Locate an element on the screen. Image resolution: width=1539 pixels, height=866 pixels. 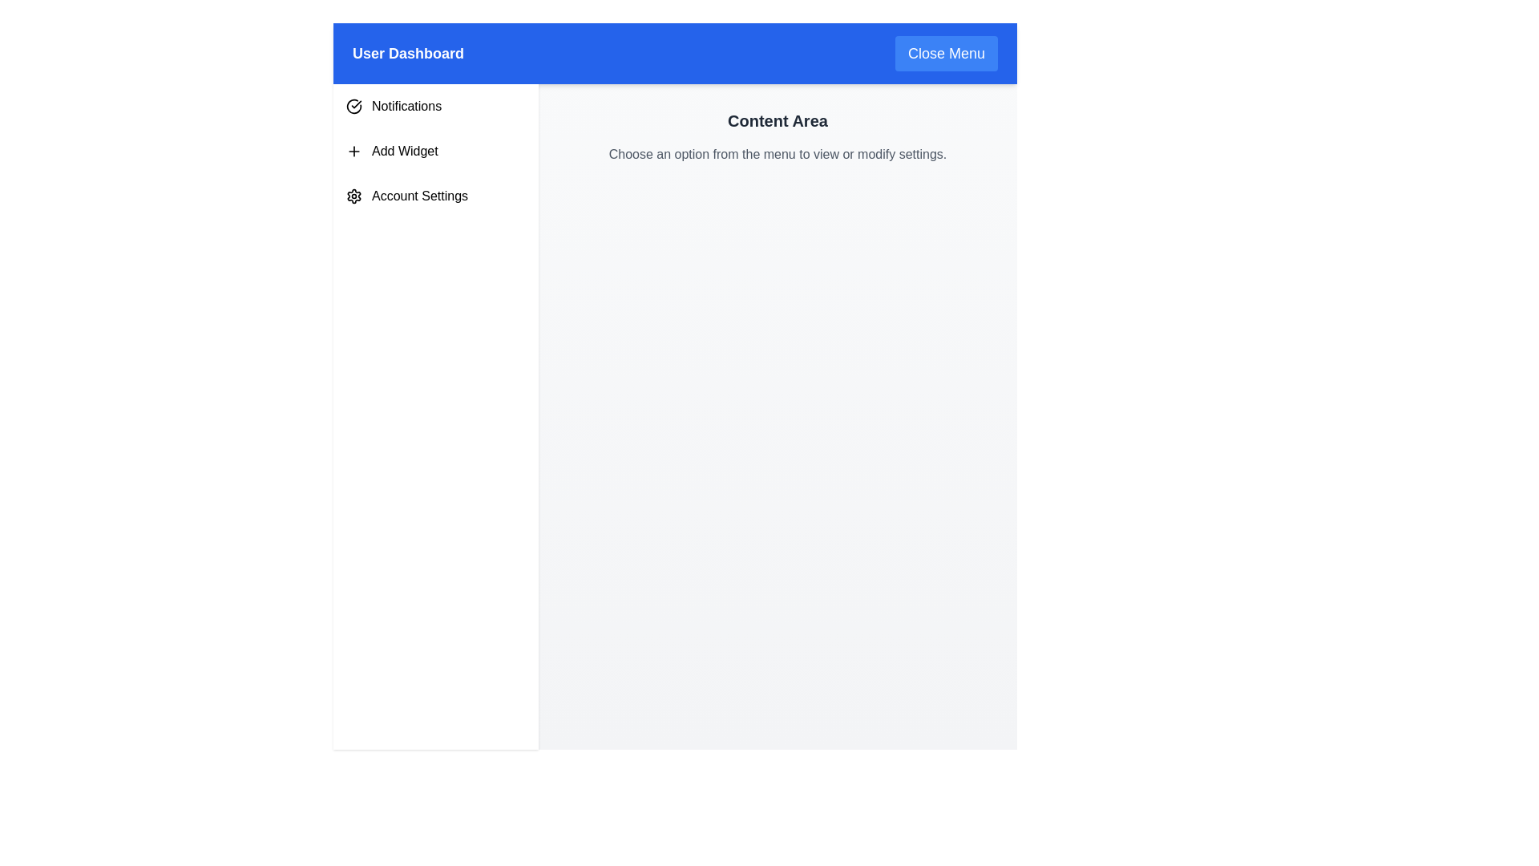
the third text label is located at coordinates (419, 196).